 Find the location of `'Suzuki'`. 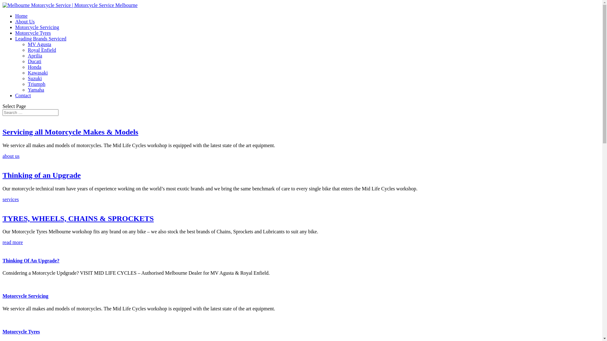

'Suzuki' is located at coordinates (27, 78).